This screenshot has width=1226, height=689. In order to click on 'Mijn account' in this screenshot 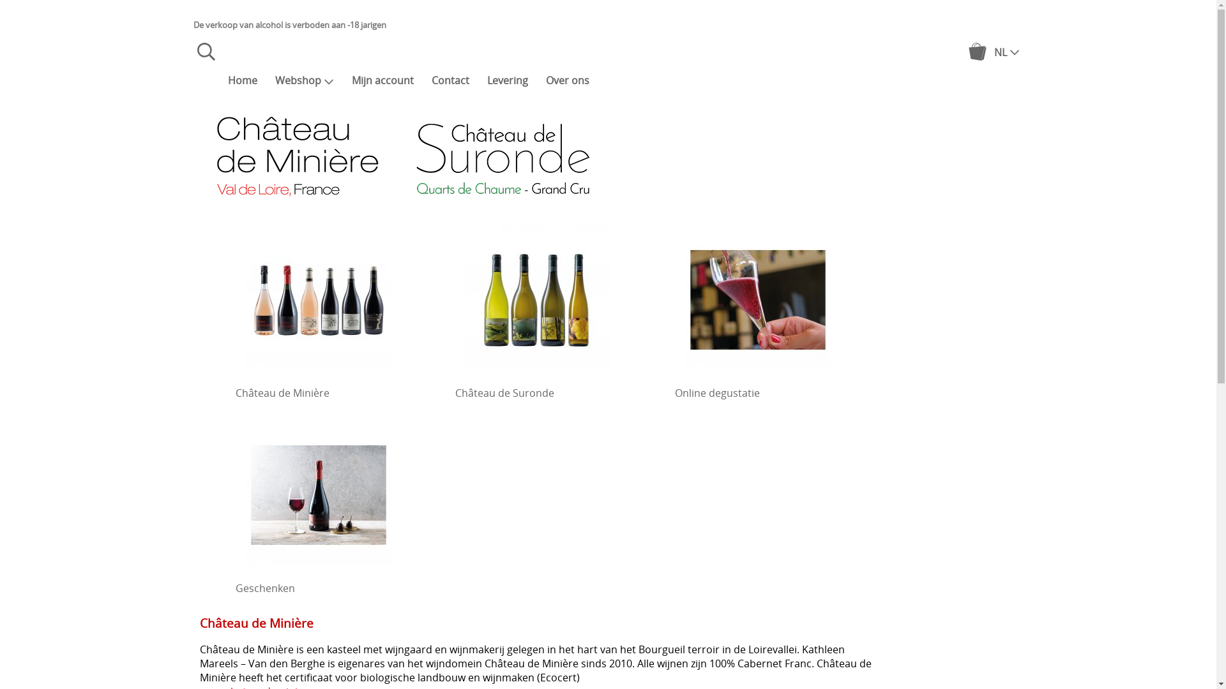, I will do `click(381, 80)`.